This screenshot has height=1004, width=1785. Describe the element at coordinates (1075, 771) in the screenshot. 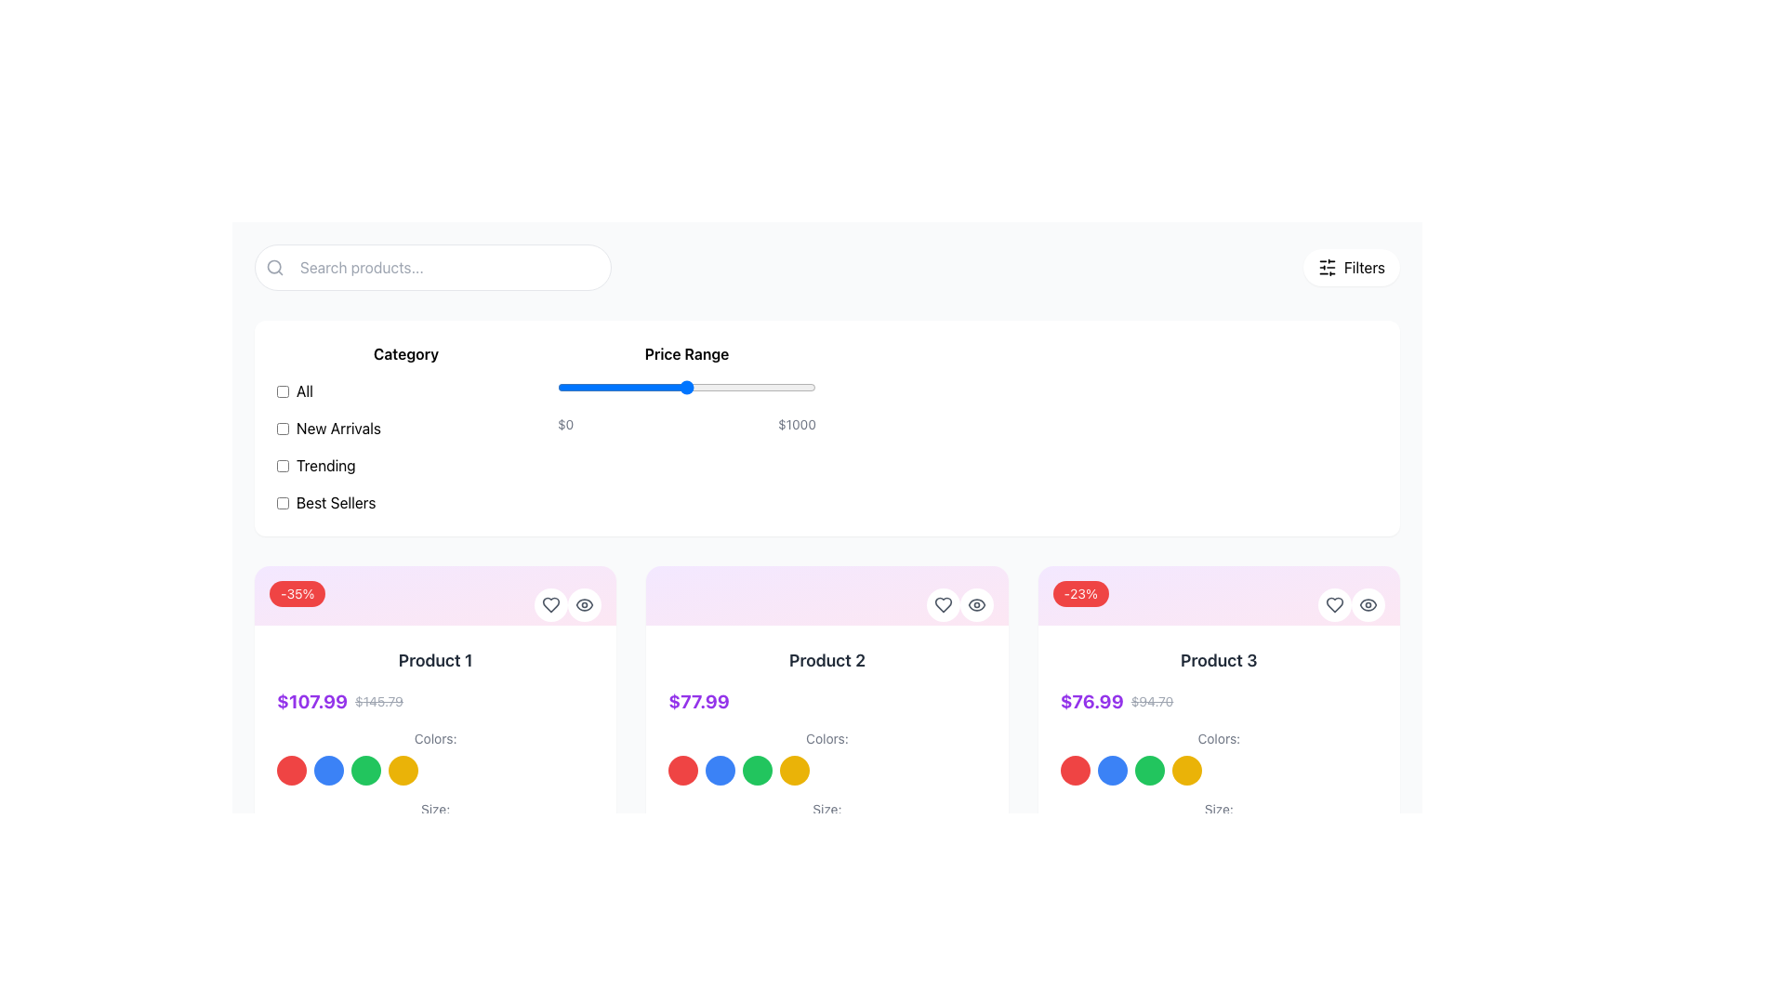

I see `the first circular color option selector representing red for accessibility navigation` at that location.